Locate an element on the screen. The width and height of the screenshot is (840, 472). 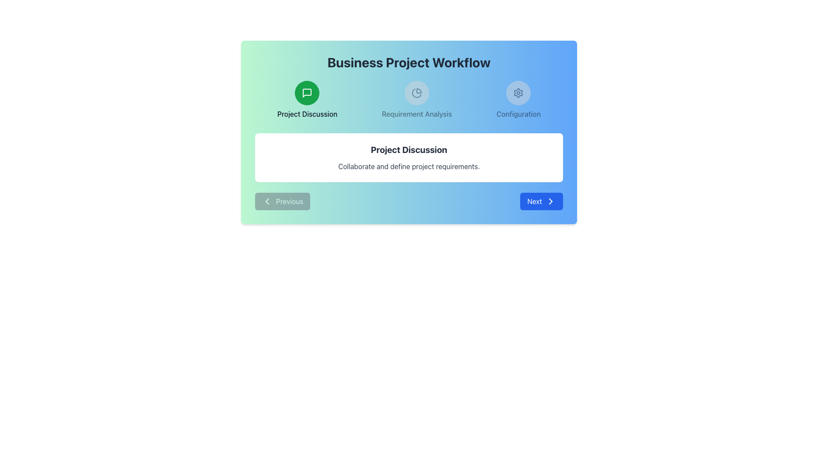
the 'Next' button, which is a rectangular button with a blue background and white text, located in the bottom-right corner of the panel is located at coordinates (541, 201).